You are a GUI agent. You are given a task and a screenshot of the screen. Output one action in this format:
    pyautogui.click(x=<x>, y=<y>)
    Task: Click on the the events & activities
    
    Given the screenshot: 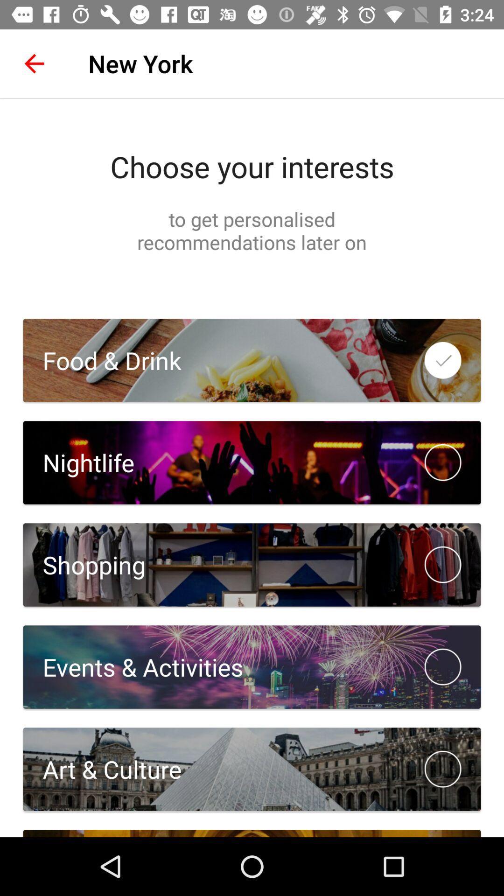 What is the action you would take?
    pyautogui.click(x=133, y=666)
    